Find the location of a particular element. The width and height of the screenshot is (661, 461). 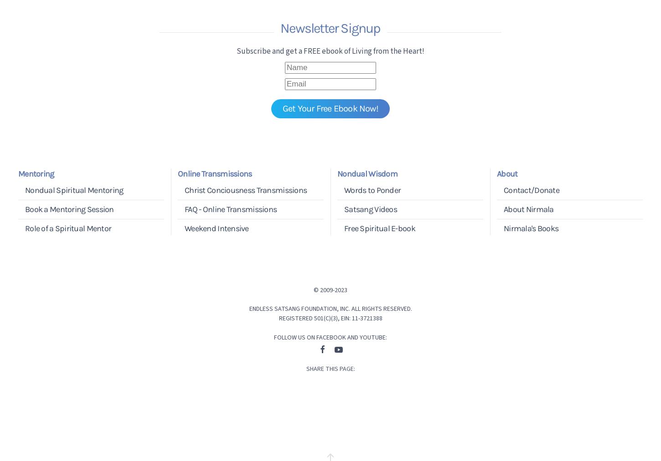

'Words to Ponder' is located at coordinates (372, 189).